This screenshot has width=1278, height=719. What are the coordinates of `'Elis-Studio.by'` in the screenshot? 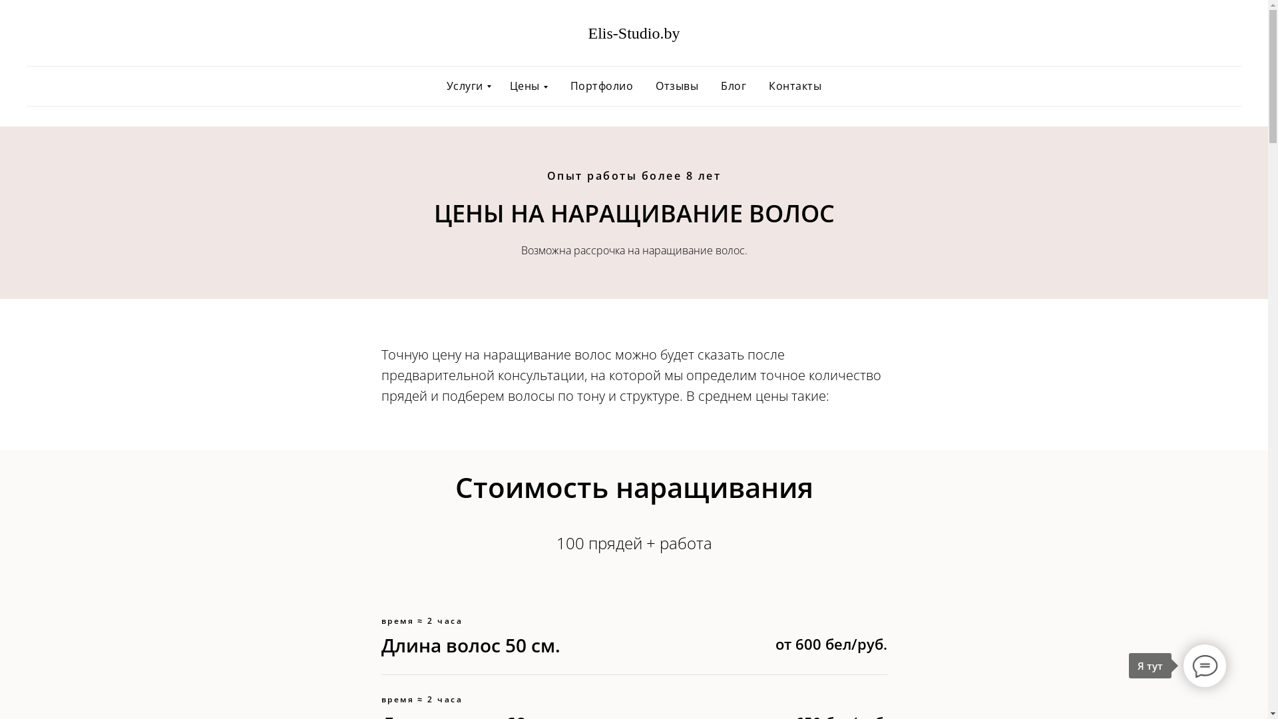 It's located at (634, 34).